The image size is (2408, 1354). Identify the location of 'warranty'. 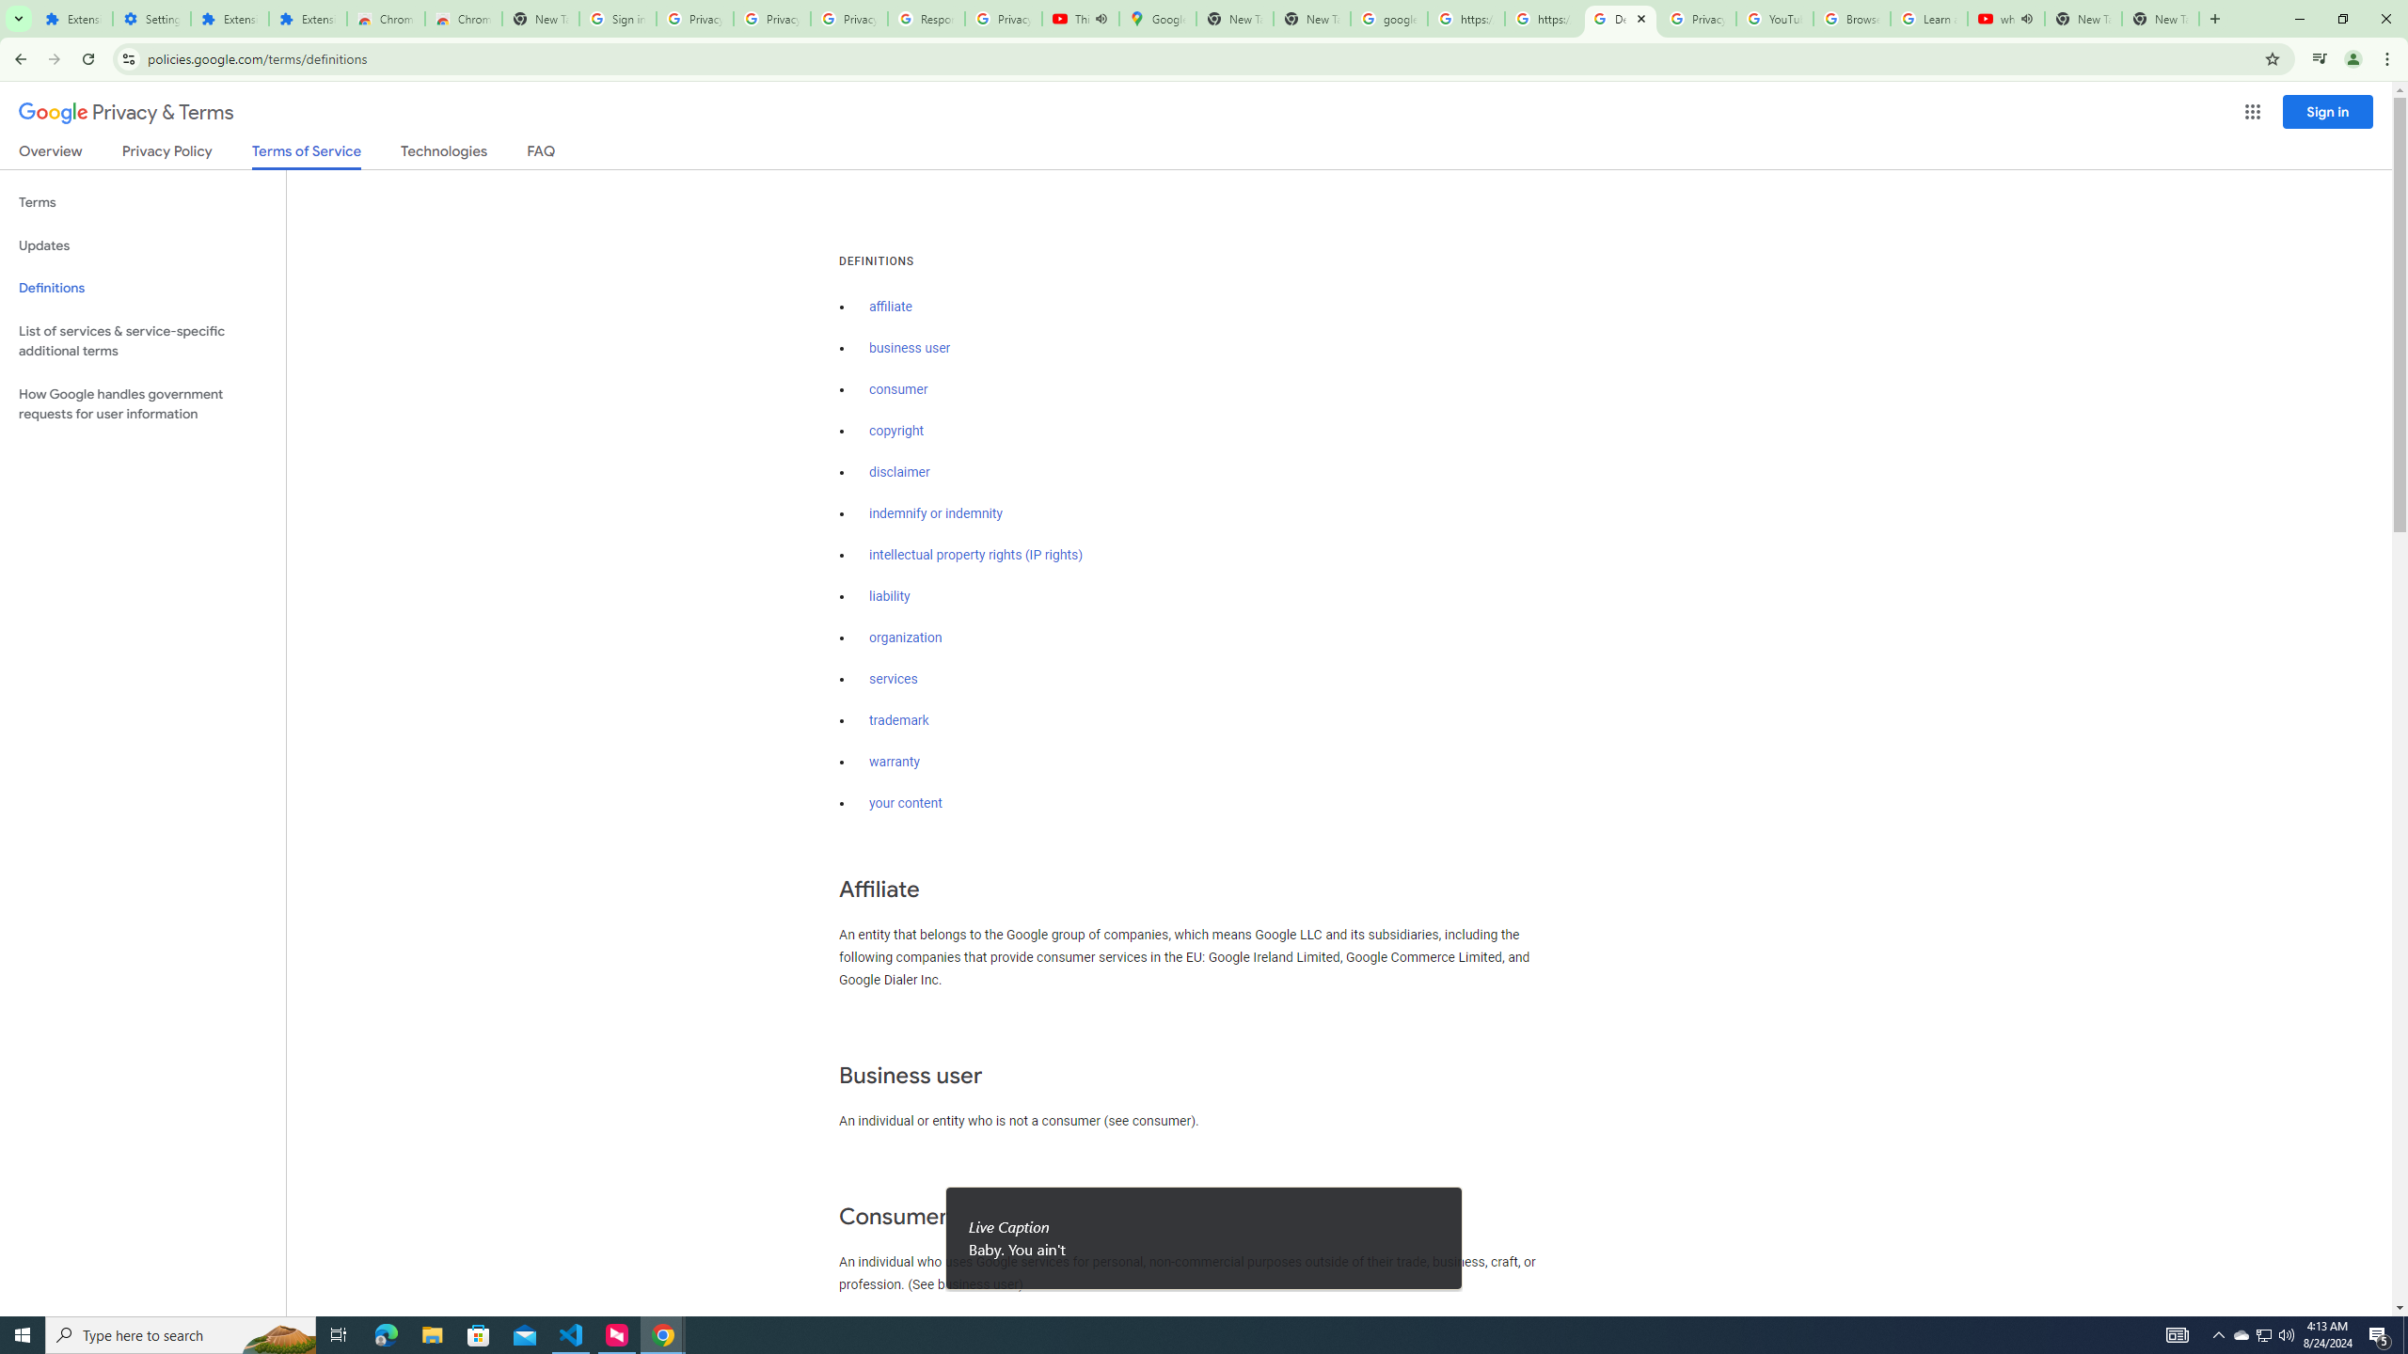
(894, 761).